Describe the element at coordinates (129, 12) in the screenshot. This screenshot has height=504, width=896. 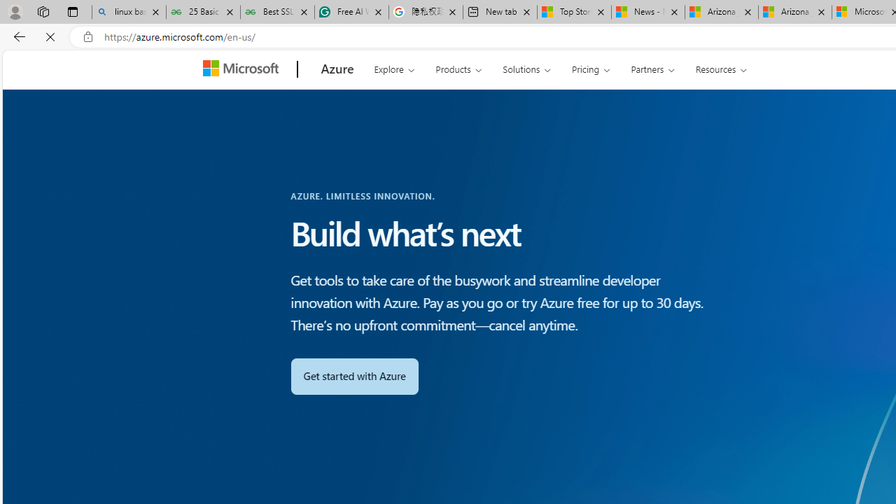
I see `'linux basic - Search'` at that location.